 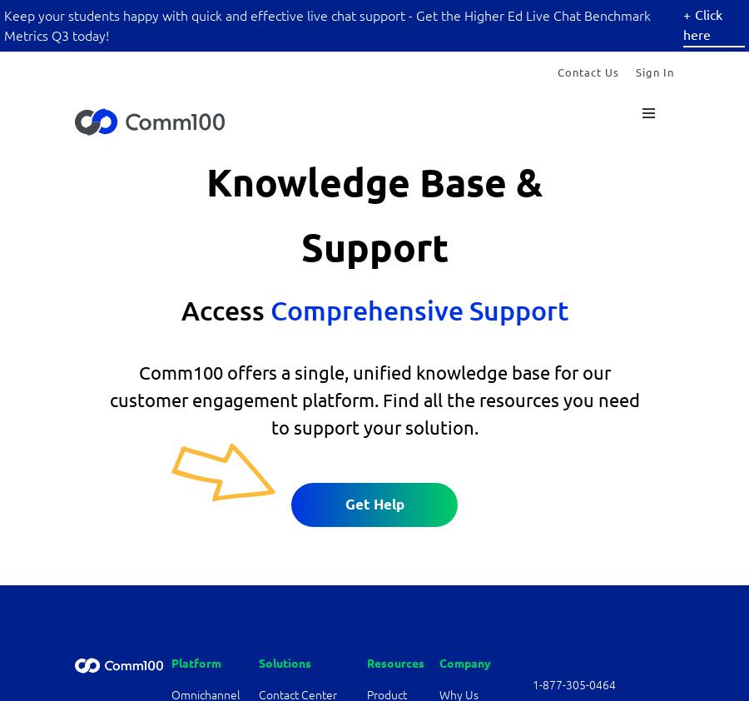 What do you see at coordinates (171, 663) in the screenshot?
I see `'Platform'` at bounding box center [171, 663].